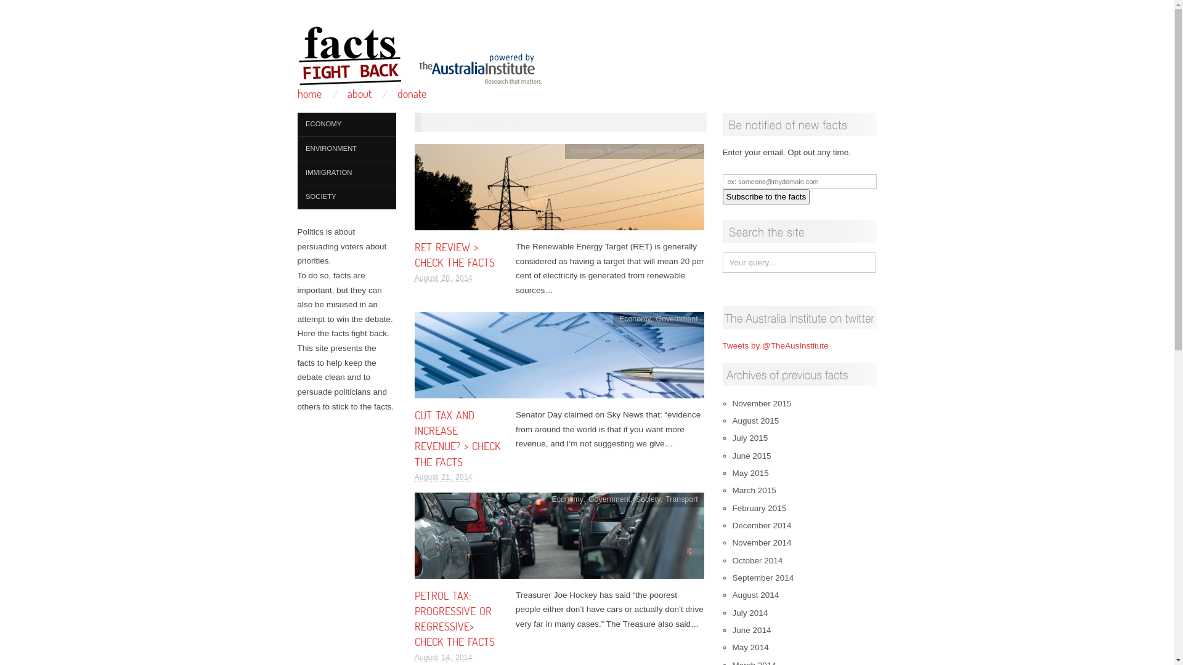 Image resolution: width=1183 pixels, height=665 pixels. Describe the element at coordinates (774, 345) in the screenshot. I see `'Tweets by @TheAusInstitute'` at that location.